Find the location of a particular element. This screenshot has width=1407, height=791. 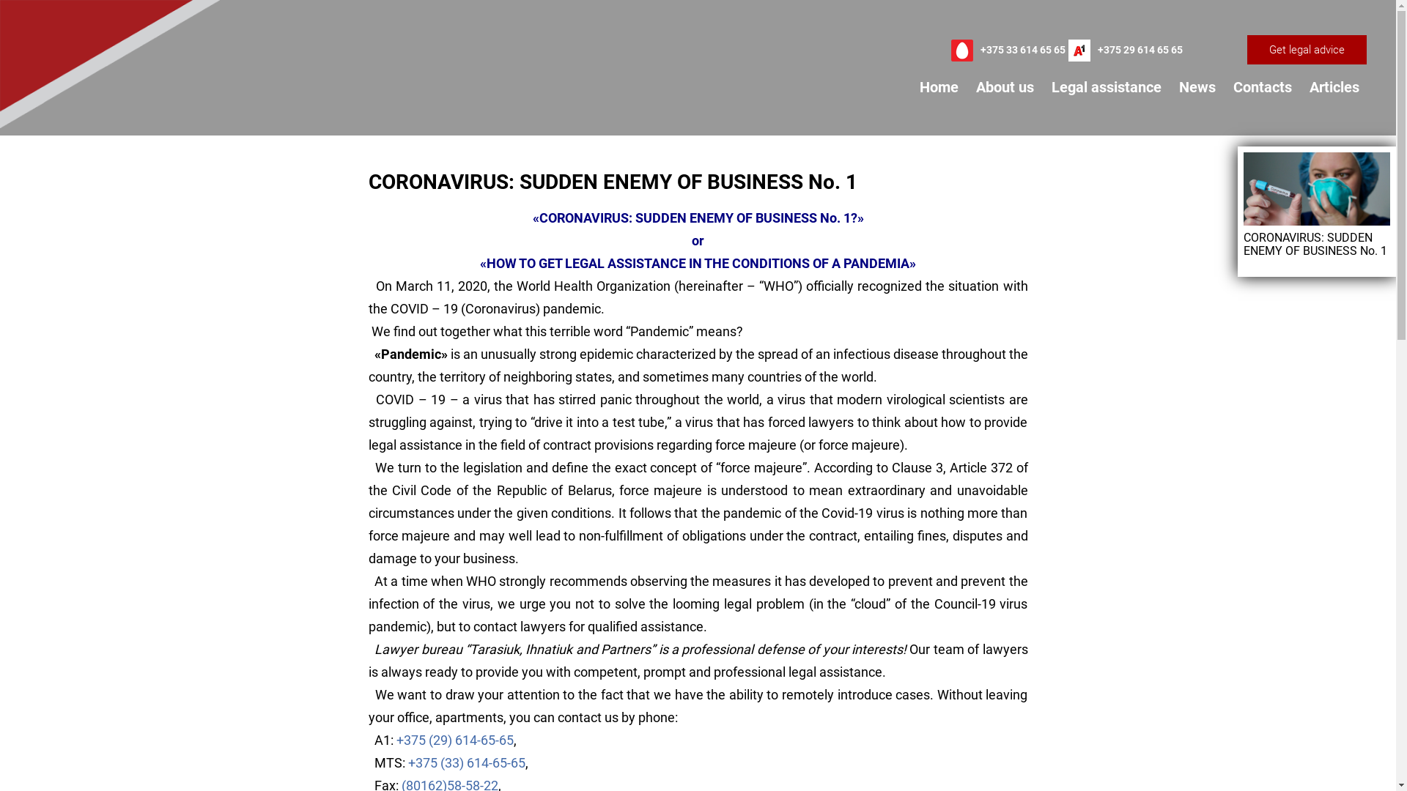

'Get legal advice' is located at coordinates (1247, 49).